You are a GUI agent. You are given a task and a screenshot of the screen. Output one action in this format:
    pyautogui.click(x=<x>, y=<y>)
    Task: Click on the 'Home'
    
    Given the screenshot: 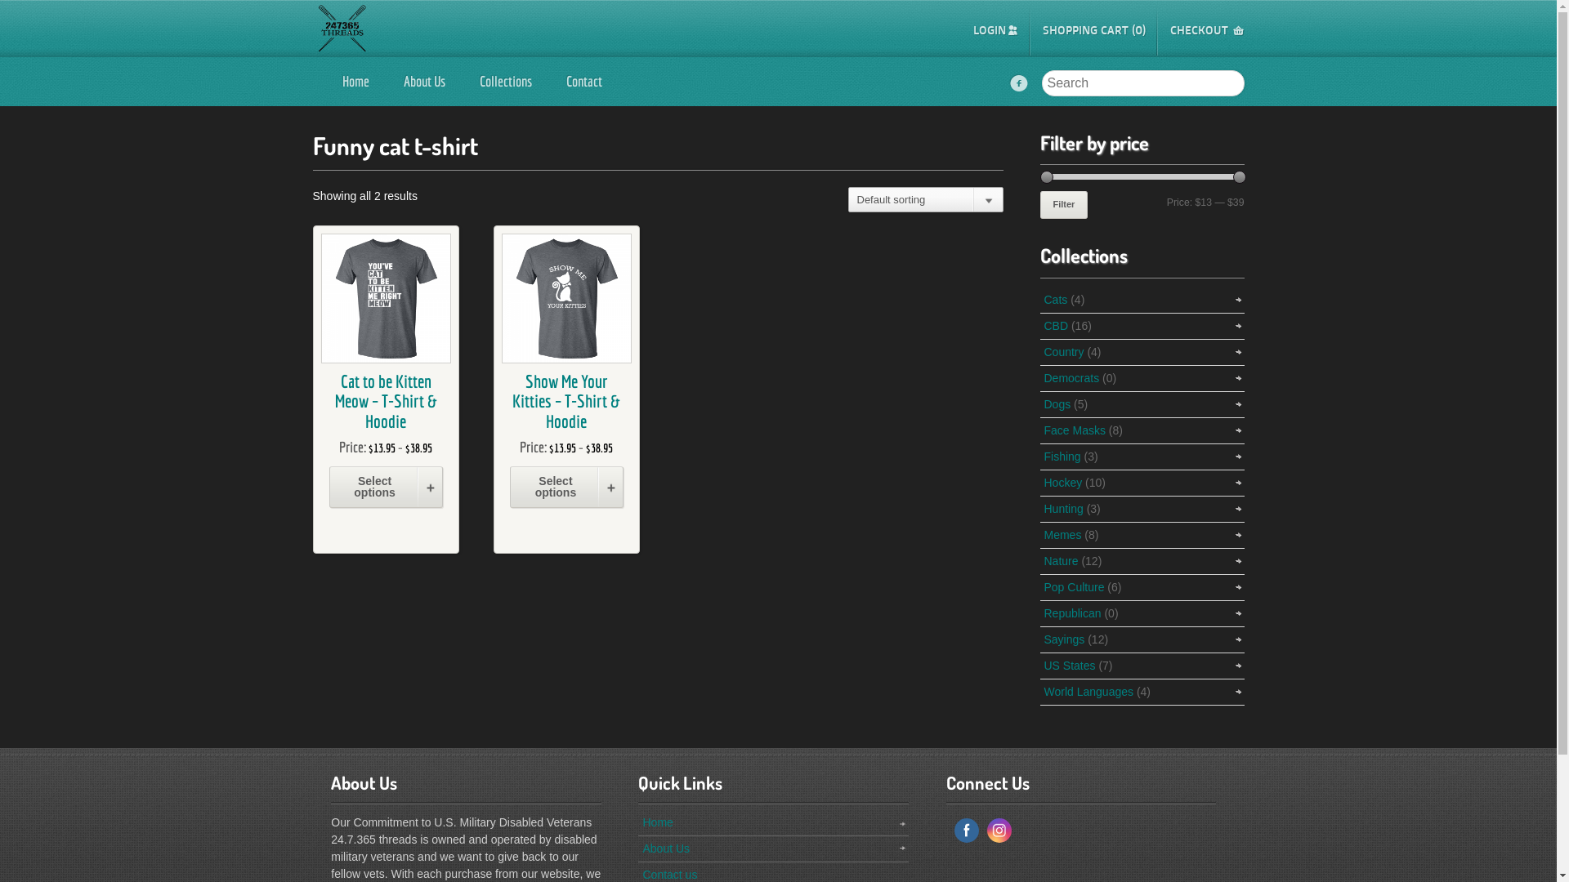 What is the action you would take?
    pyautogui.click(x=657, y=822)
    